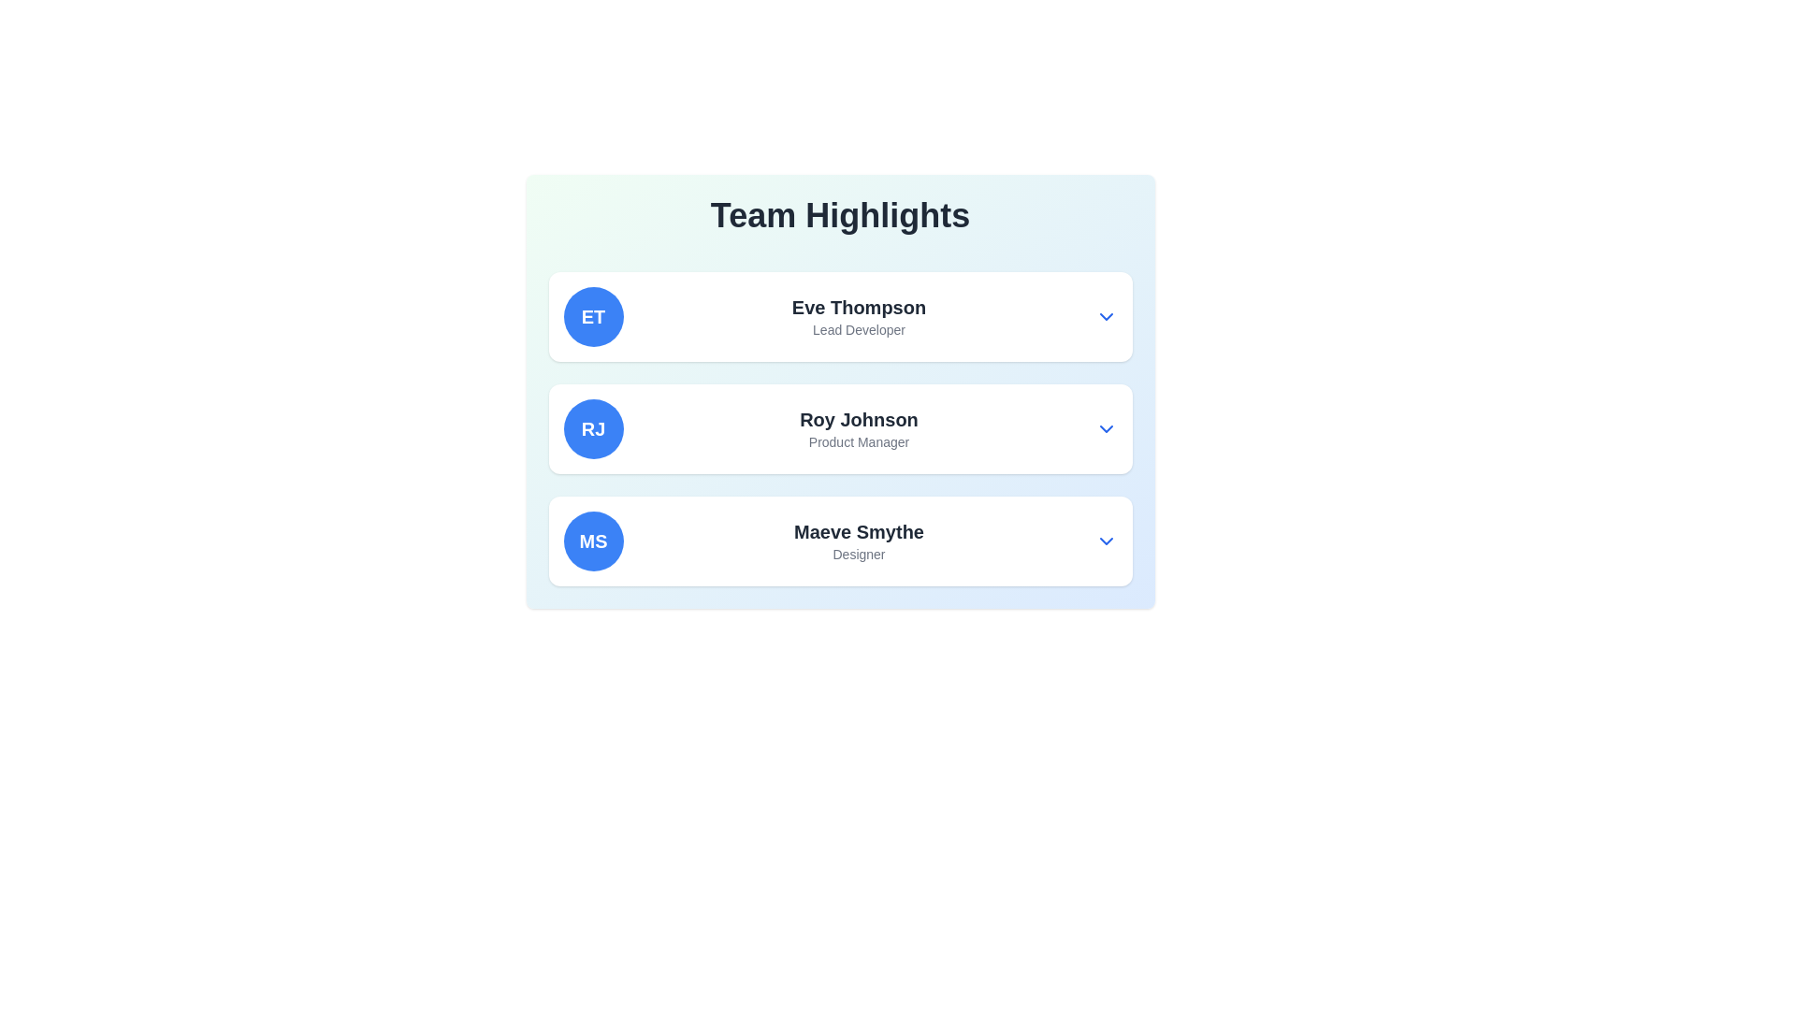 The width and height of the screenshot is (1796, 1010). What do you see at coordinates (858, 329) in the screenshot?
I see `the 'Lead Developer' text label displayed in a small, gray-colored font, which is positioned below and aligned with the name 'Eve Thompson' in the first card of the 'Team Highlights' section` at bounding box center [858, 329].